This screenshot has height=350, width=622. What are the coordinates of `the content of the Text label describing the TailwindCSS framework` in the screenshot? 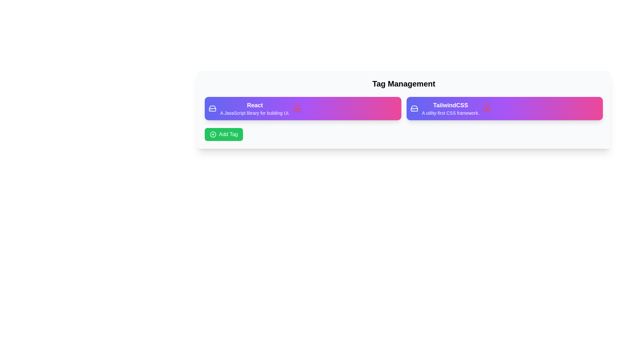 It's located at (450, 108).